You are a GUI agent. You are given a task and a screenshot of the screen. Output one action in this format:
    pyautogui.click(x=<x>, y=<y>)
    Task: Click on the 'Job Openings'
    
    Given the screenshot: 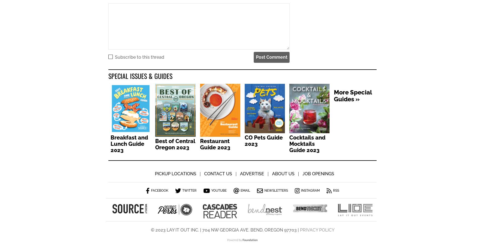 What is the action you would take?
    pyautogui.click(x=302, y=174)
    